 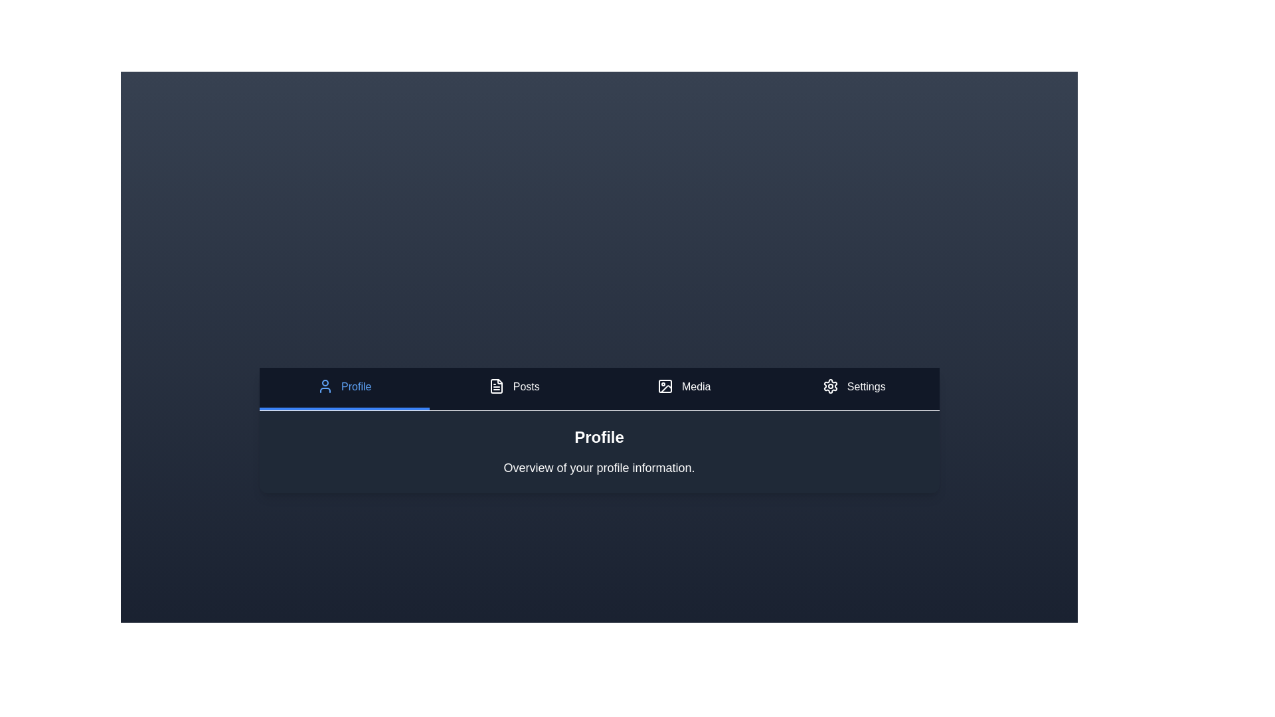 What do you see at coordinates (684, 388) in the screenshot?
I see `the tab corresponding to Media to display its content` at bounding box center [684, 388].